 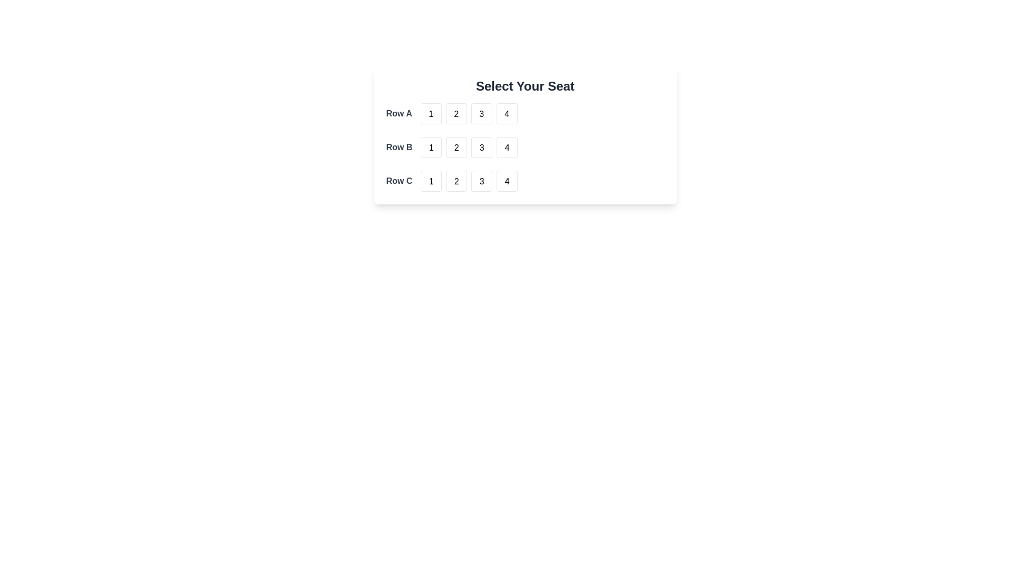 What do you see at coordinates (469, 180) in the screenshot?
I see `the second button in the selection interface for 'Row C'` at bounding box center [469, 180].